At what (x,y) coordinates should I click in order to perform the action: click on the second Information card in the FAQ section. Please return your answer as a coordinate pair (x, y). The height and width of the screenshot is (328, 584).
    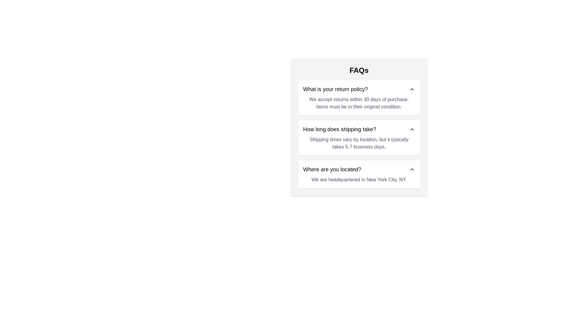
    Looking at the image, I should click on (359, 126).